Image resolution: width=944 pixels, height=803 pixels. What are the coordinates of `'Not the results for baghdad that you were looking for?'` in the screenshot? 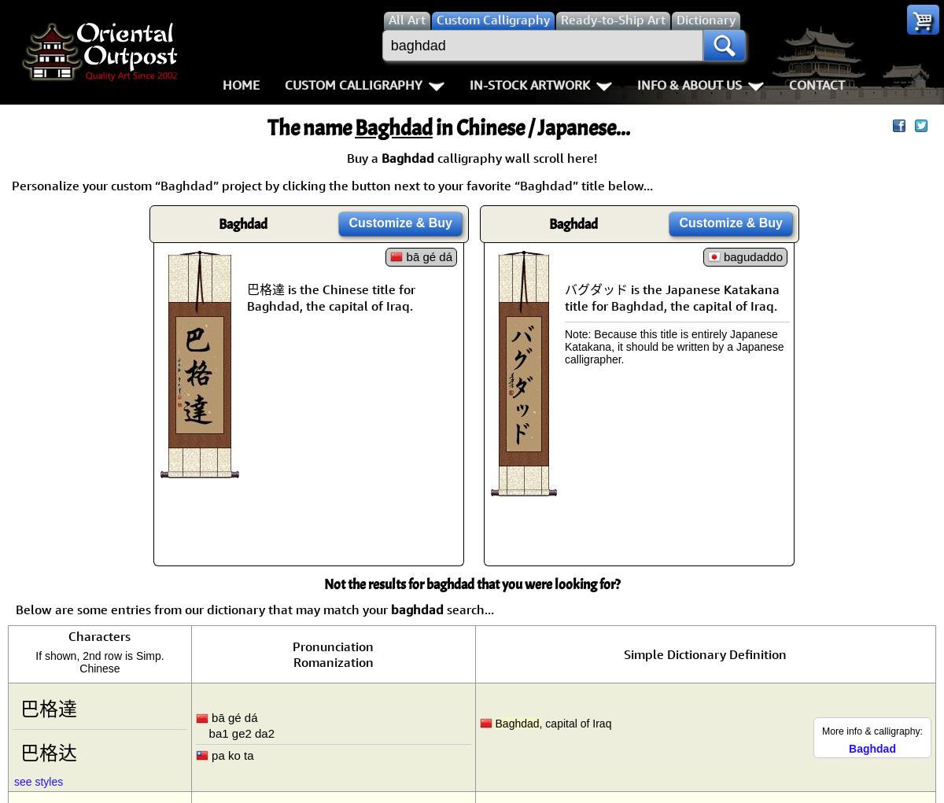 It's located at (472, 584).